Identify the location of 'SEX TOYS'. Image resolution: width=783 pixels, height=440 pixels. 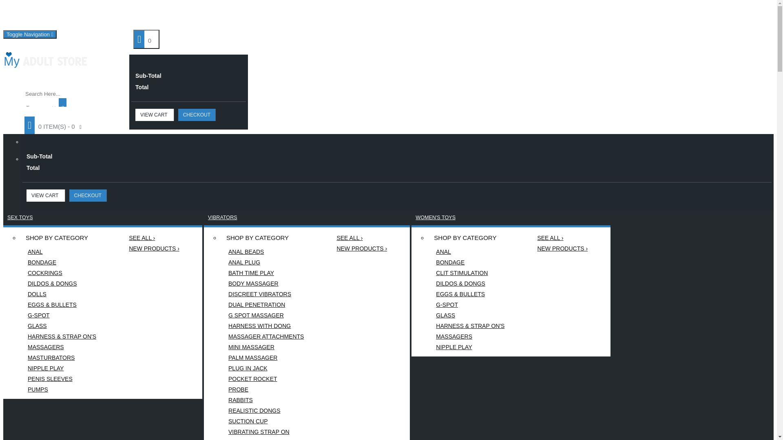
(20, 217).